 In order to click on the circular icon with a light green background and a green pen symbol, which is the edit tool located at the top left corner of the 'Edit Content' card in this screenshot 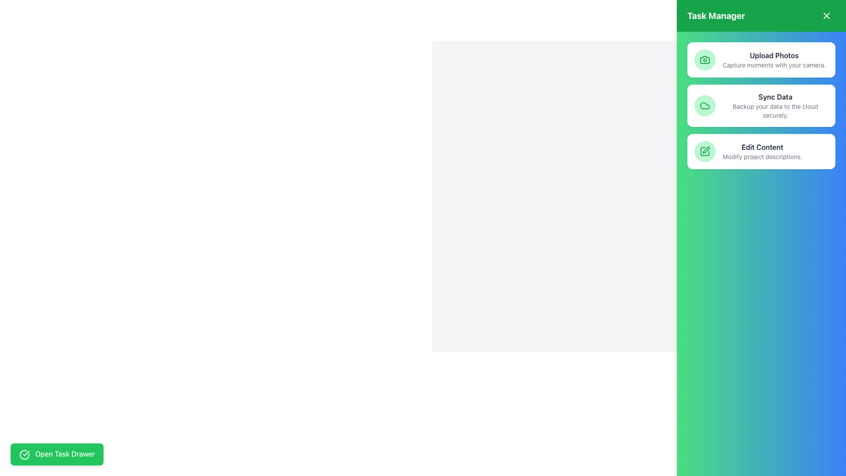, I will do `click(704, 151)`.